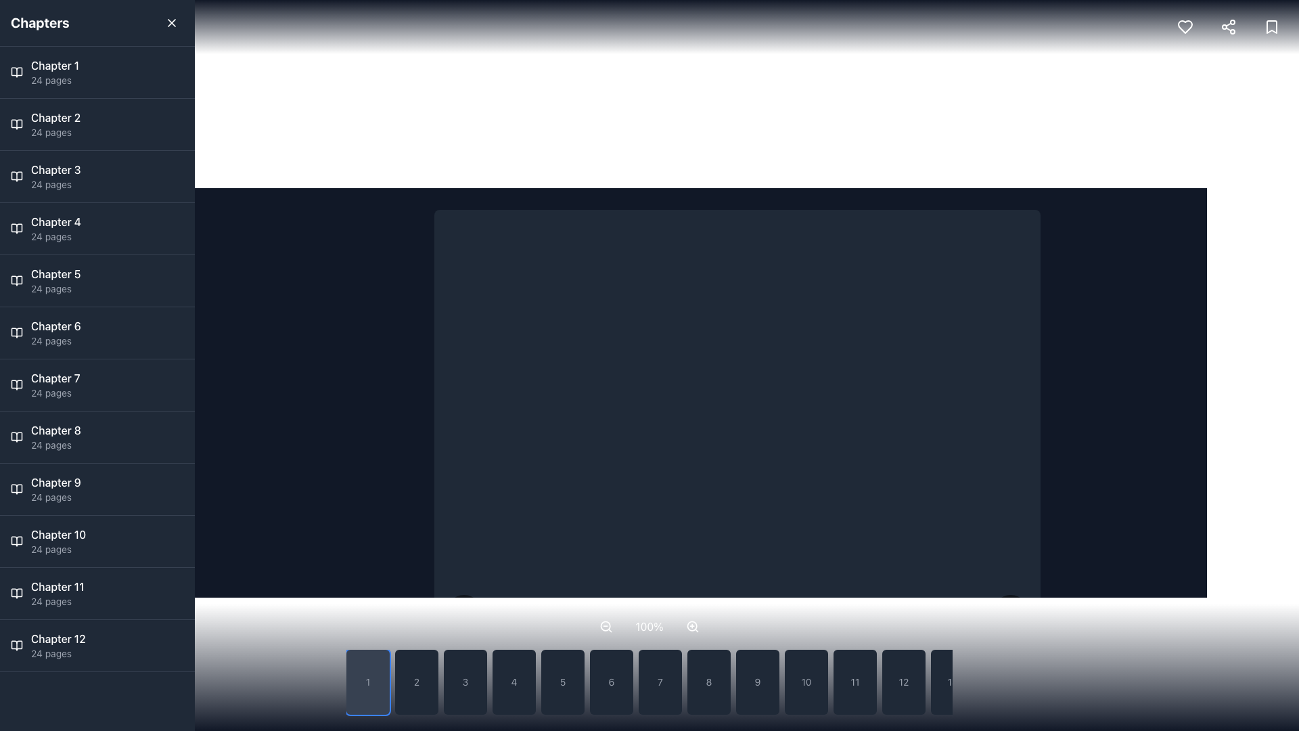  What do you see at coordinates (55, 378) in the screenshot?
I see `the 'Chapter 7' label, which is a white text on a dark blue background, located in the list between 'Chapter 6' and 'Chapter 8'` at bounding box center [55, 378].